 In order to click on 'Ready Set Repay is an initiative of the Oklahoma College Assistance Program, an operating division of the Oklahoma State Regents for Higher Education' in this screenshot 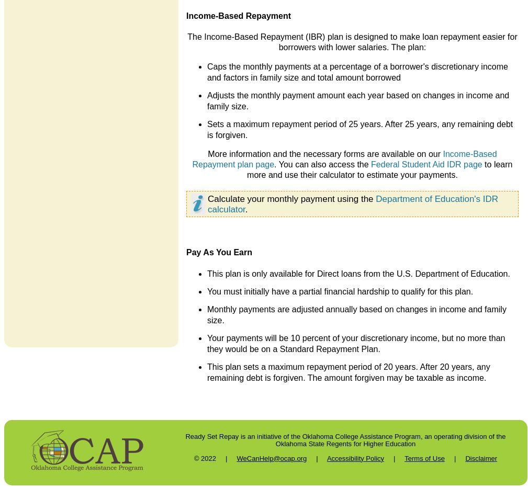, I will do `click(345, 439)`.